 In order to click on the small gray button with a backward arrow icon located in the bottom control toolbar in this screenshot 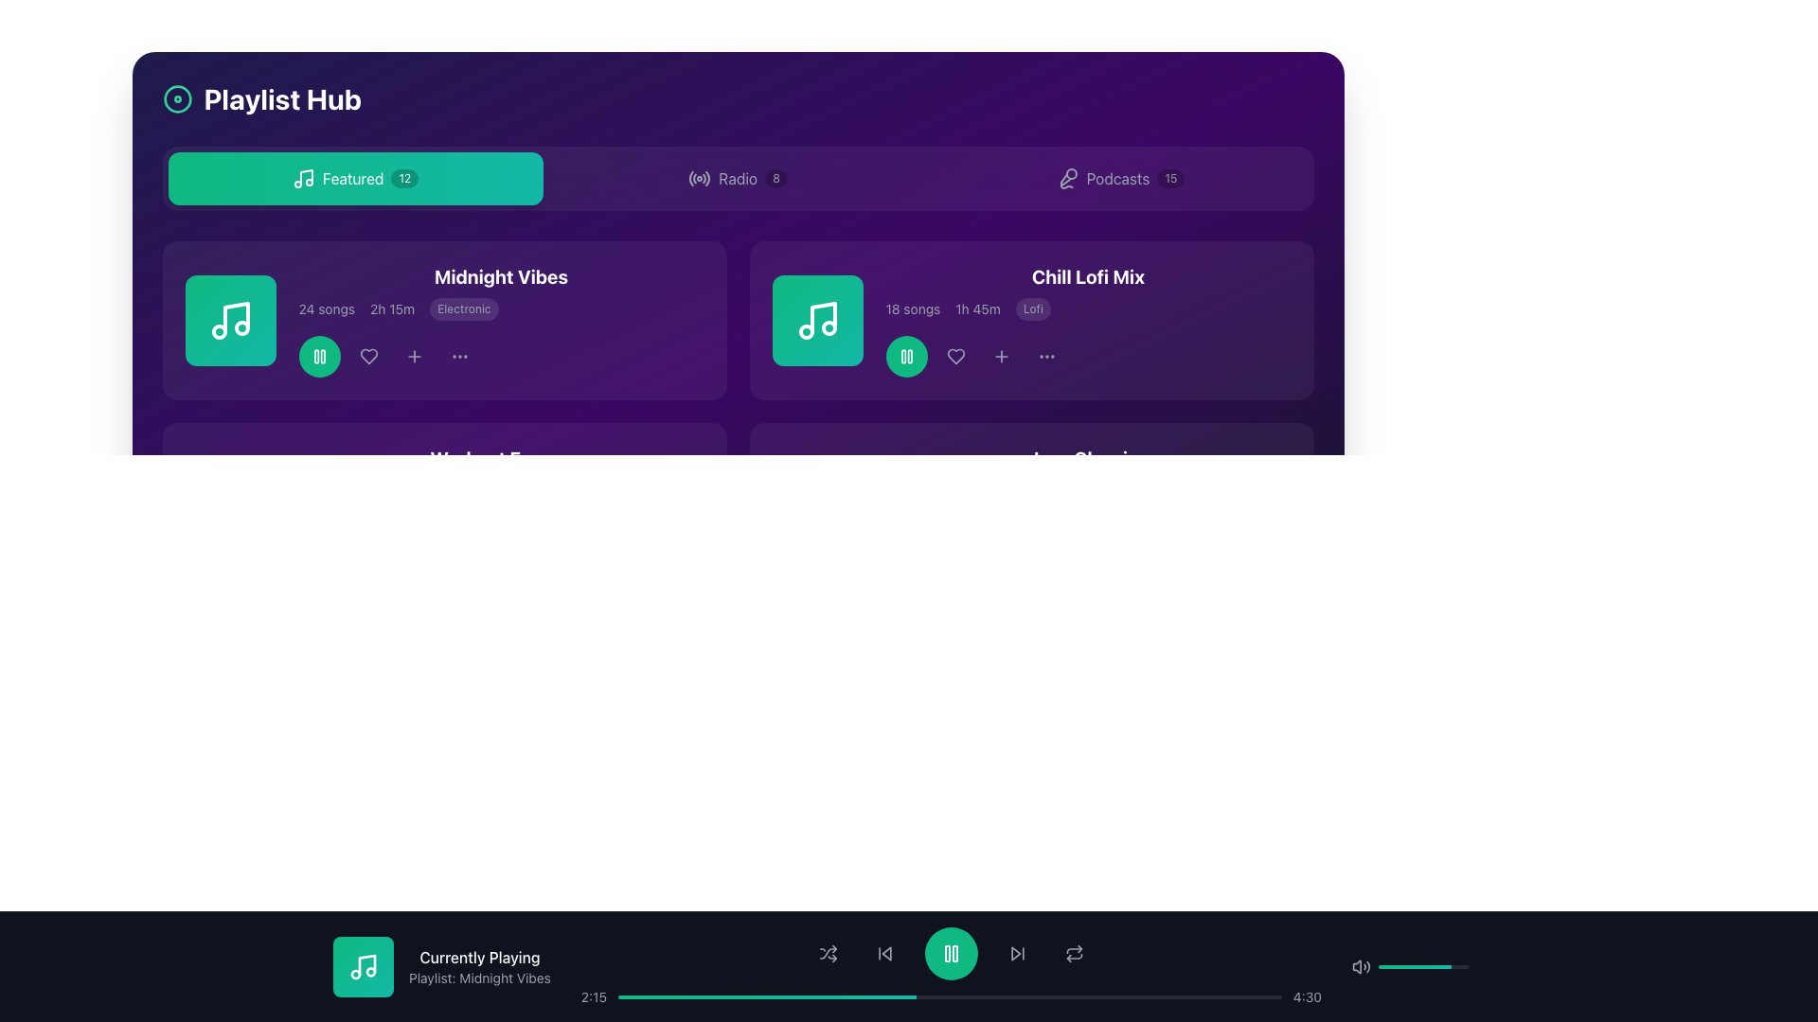, I will do `click(883, 953)`.